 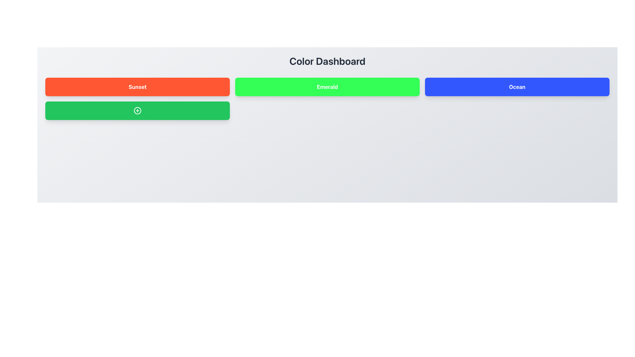 What do you see at coordinates (137, 110) in the screenshot?
I see `the icon located on the green rectangular button labeled 'Emerald' at the bottom row of buttons` at bounding box center [137, 110].